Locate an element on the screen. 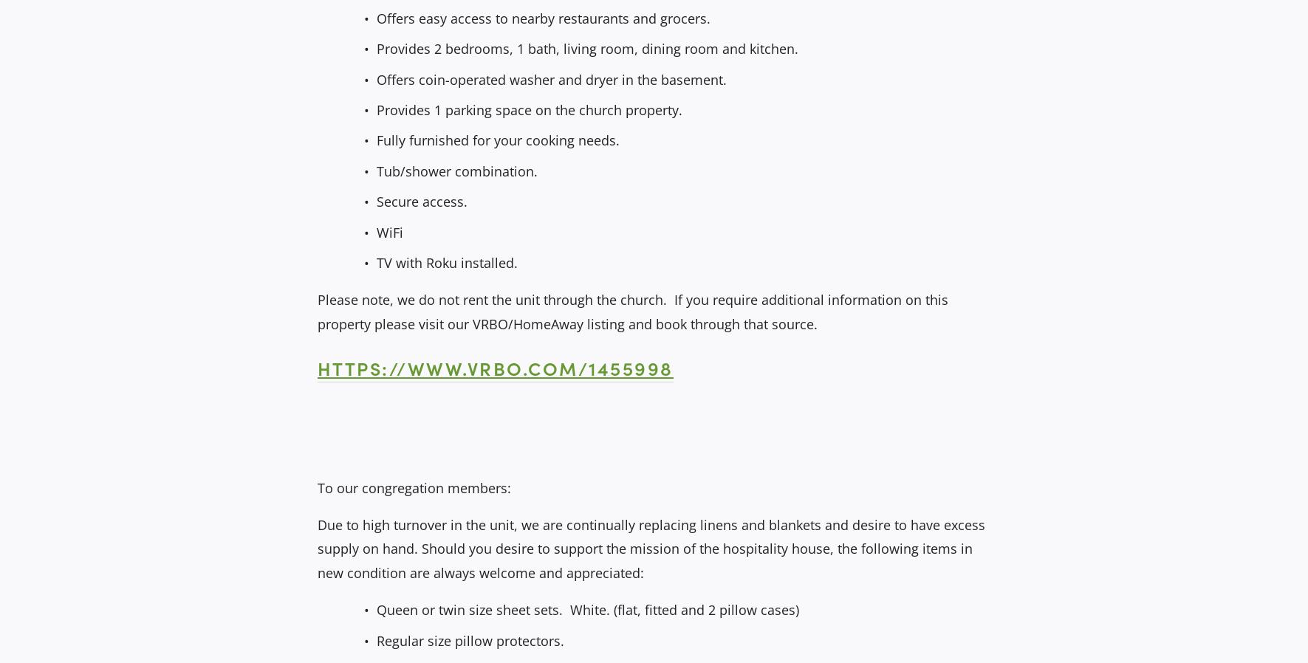  'Provides 1 parking space on the church property.' is located at coordinates (530, 108).